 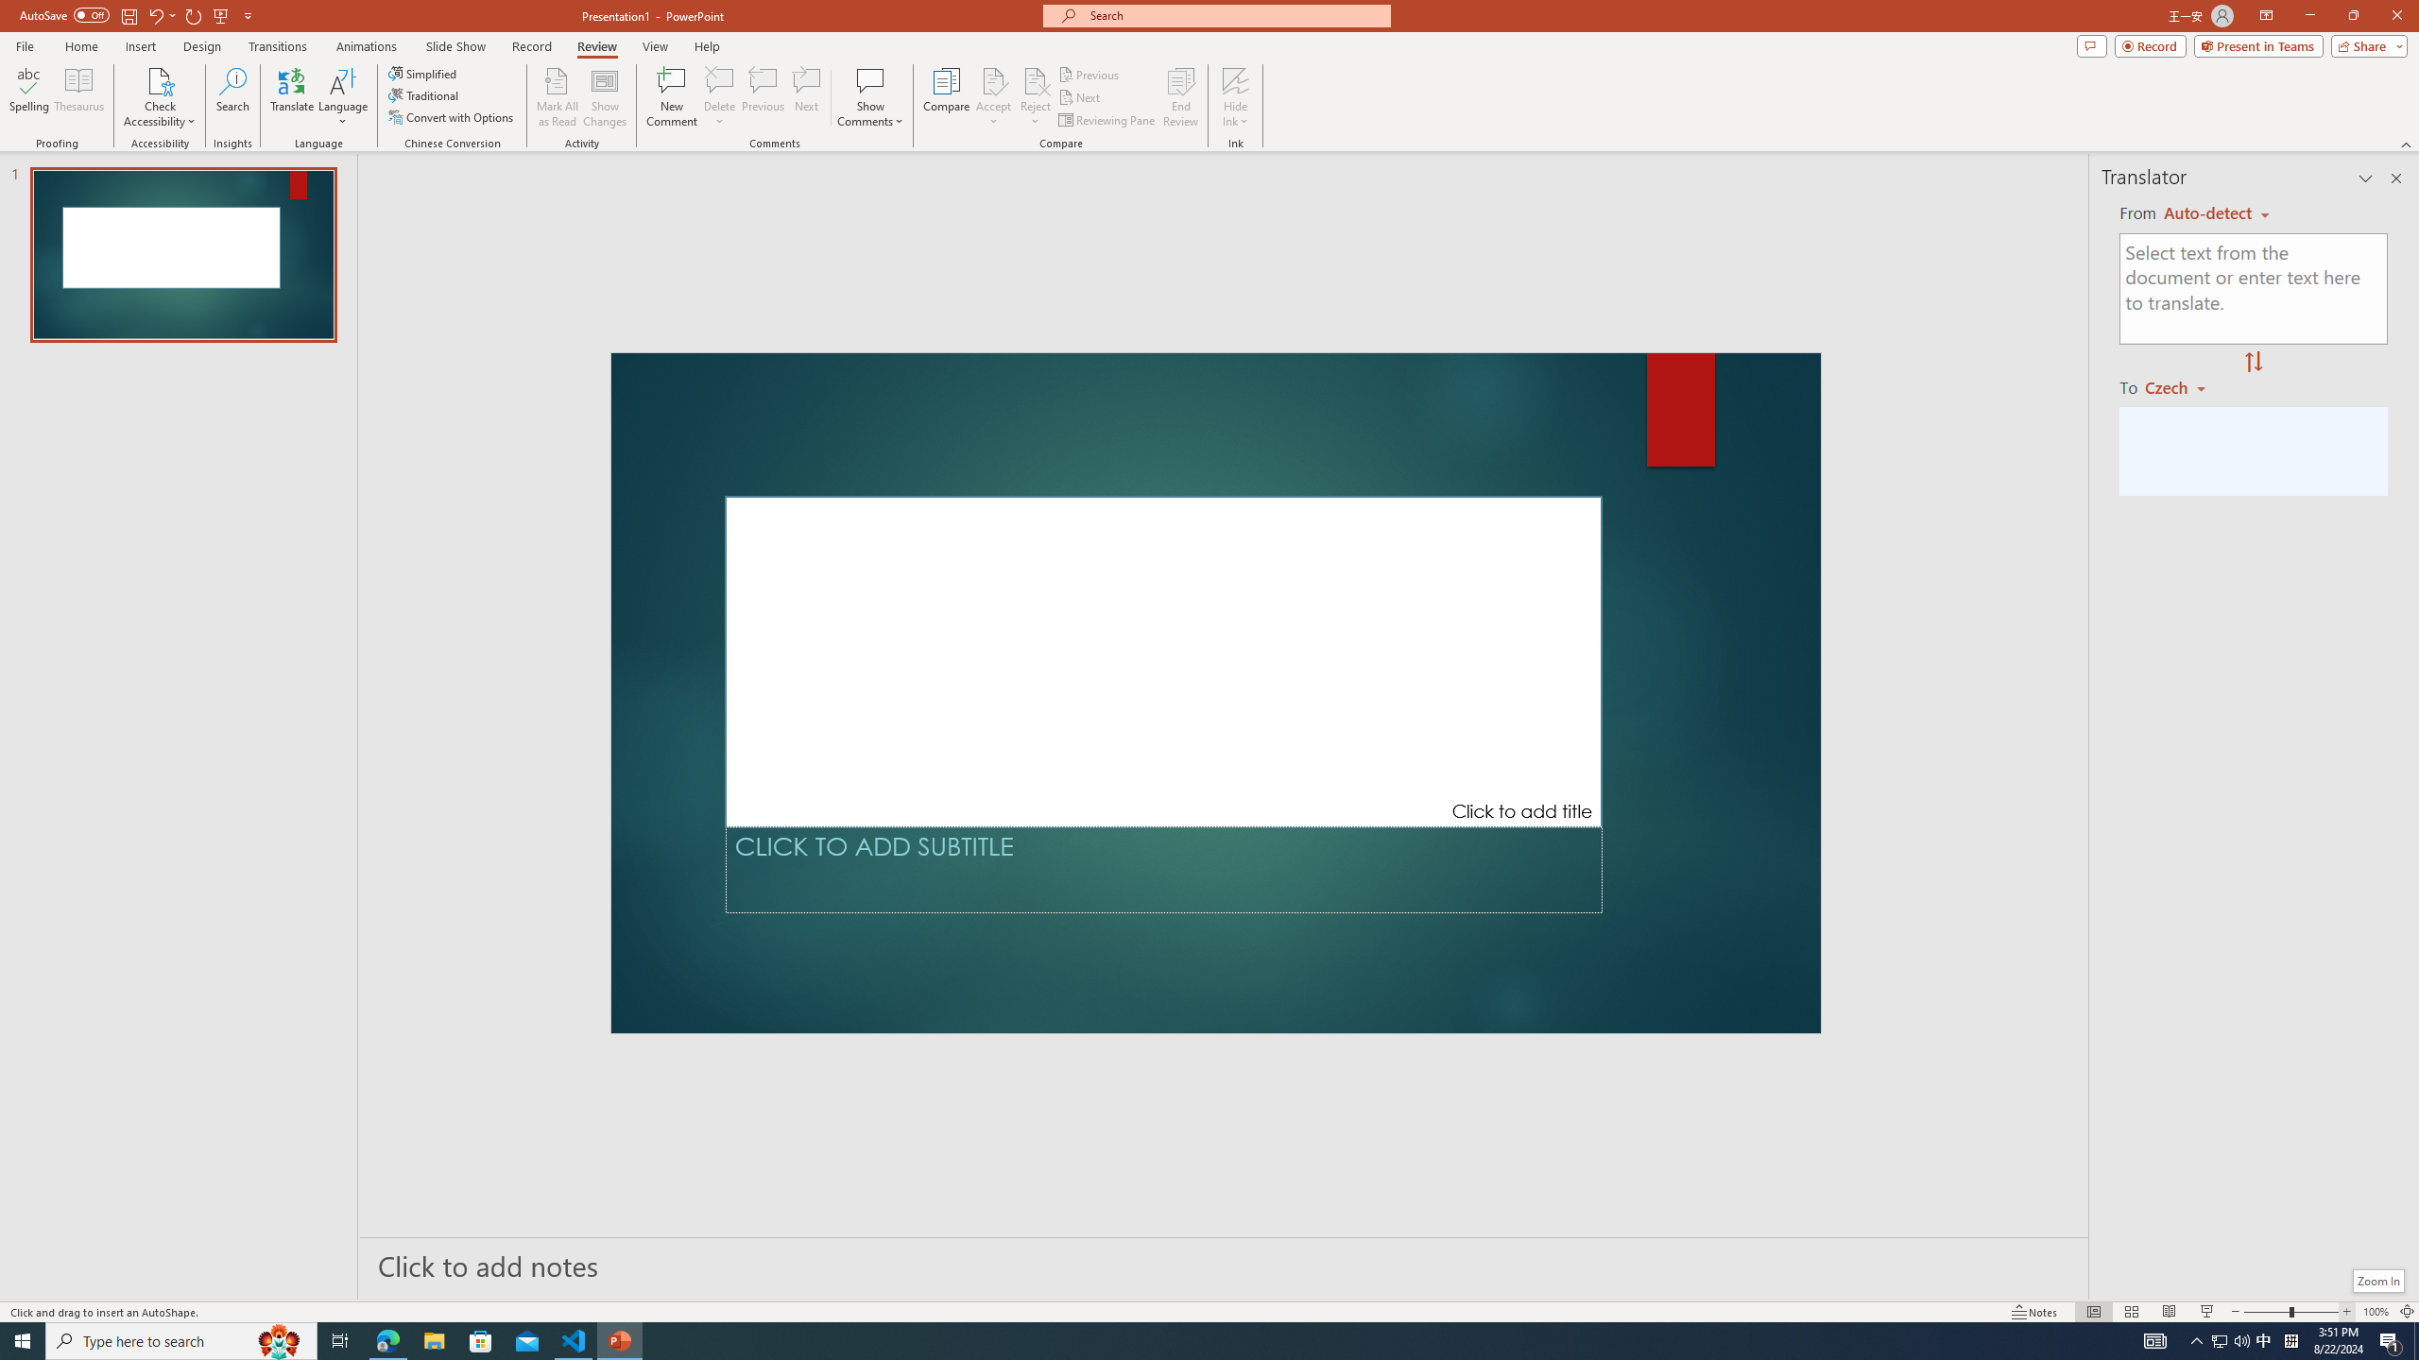 I want to click on 'Present in Teams', so click(x=2258, y=44).